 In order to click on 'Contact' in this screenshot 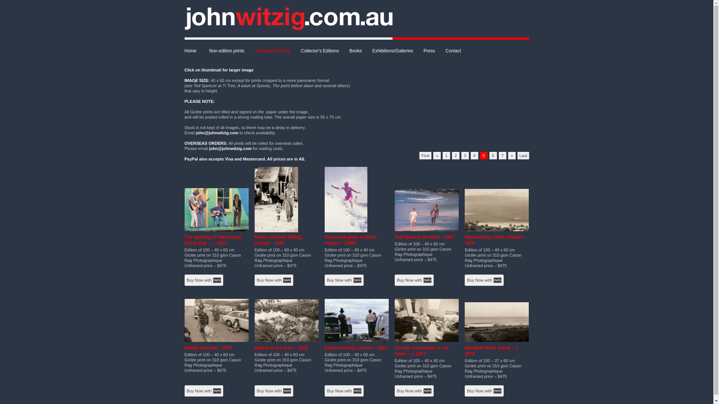, I will do `click(453, 50)`.